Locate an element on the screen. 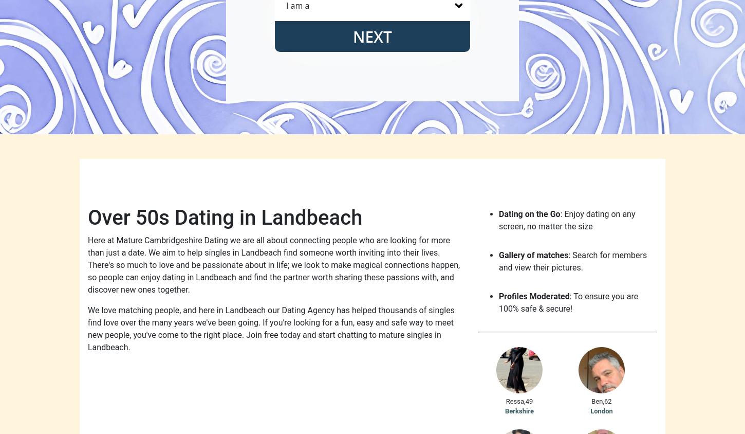  'Dating on the Go' is located at coordinates (499, 214).